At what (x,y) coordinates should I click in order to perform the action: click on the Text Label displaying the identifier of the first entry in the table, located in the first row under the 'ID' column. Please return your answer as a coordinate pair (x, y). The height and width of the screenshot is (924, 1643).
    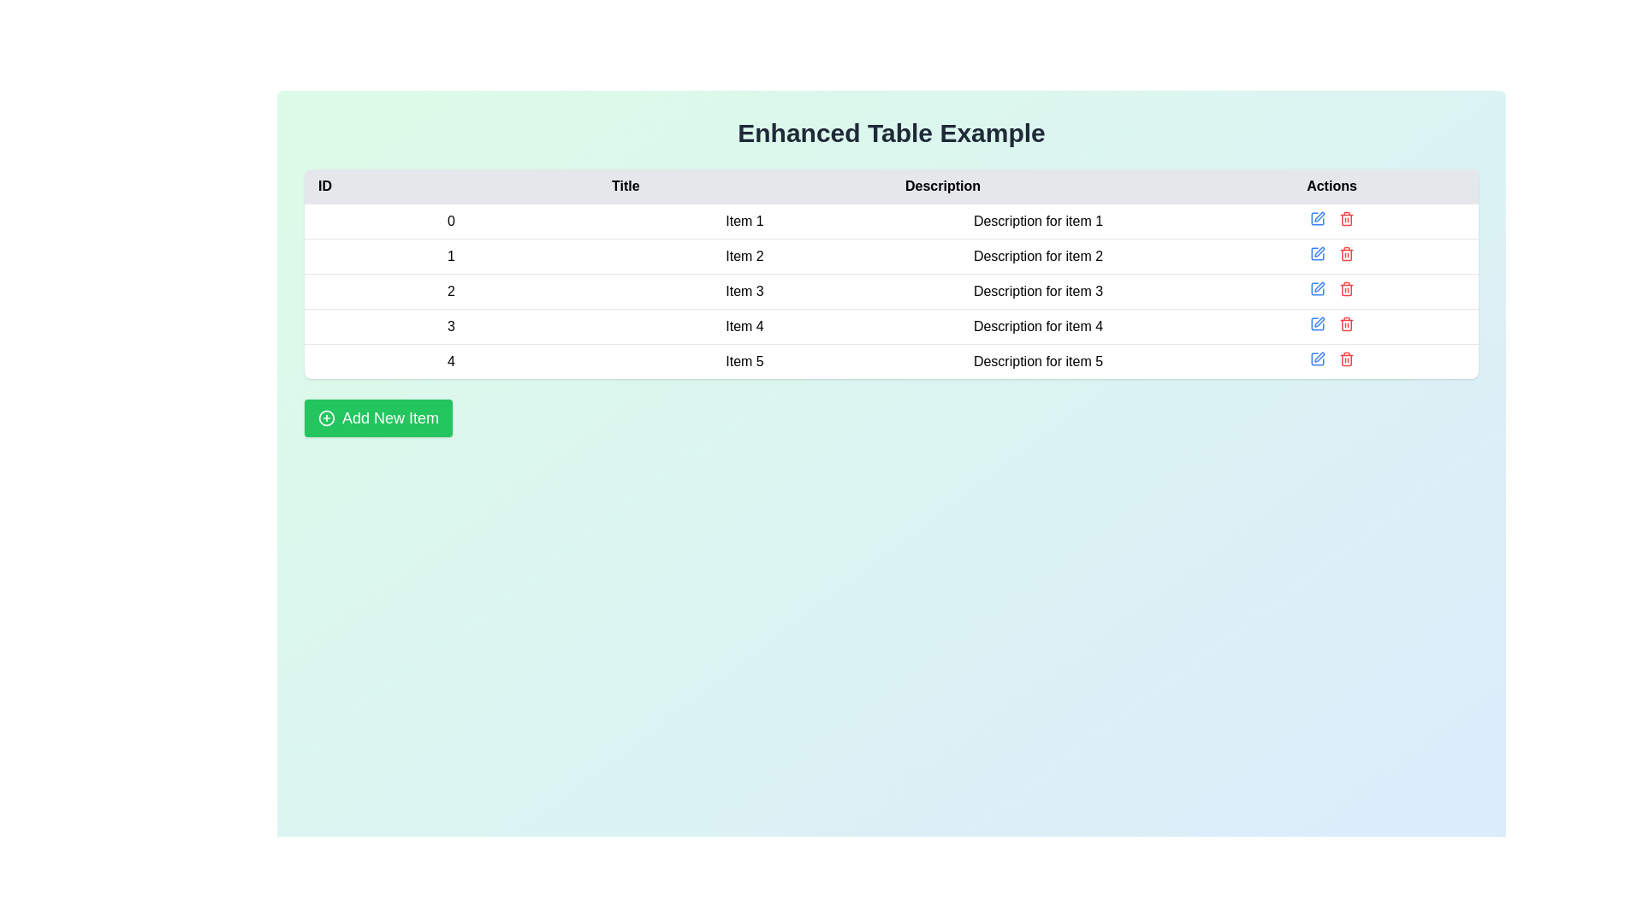
    Looking at the image, I should click on (451, 220).